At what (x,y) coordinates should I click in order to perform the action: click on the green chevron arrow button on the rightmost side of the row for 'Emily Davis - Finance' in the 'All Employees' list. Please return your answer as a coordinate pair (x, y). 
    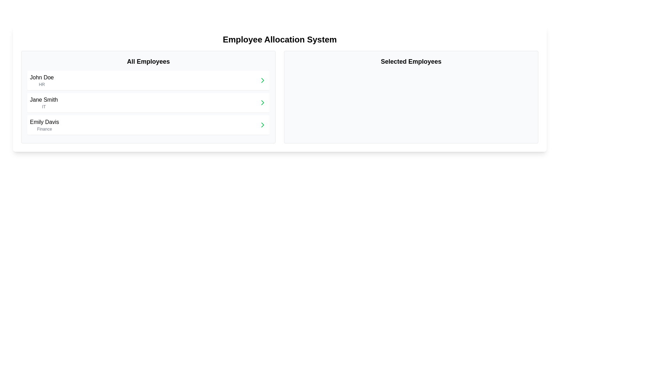
    Looking at the image, I should click on (262, 124).